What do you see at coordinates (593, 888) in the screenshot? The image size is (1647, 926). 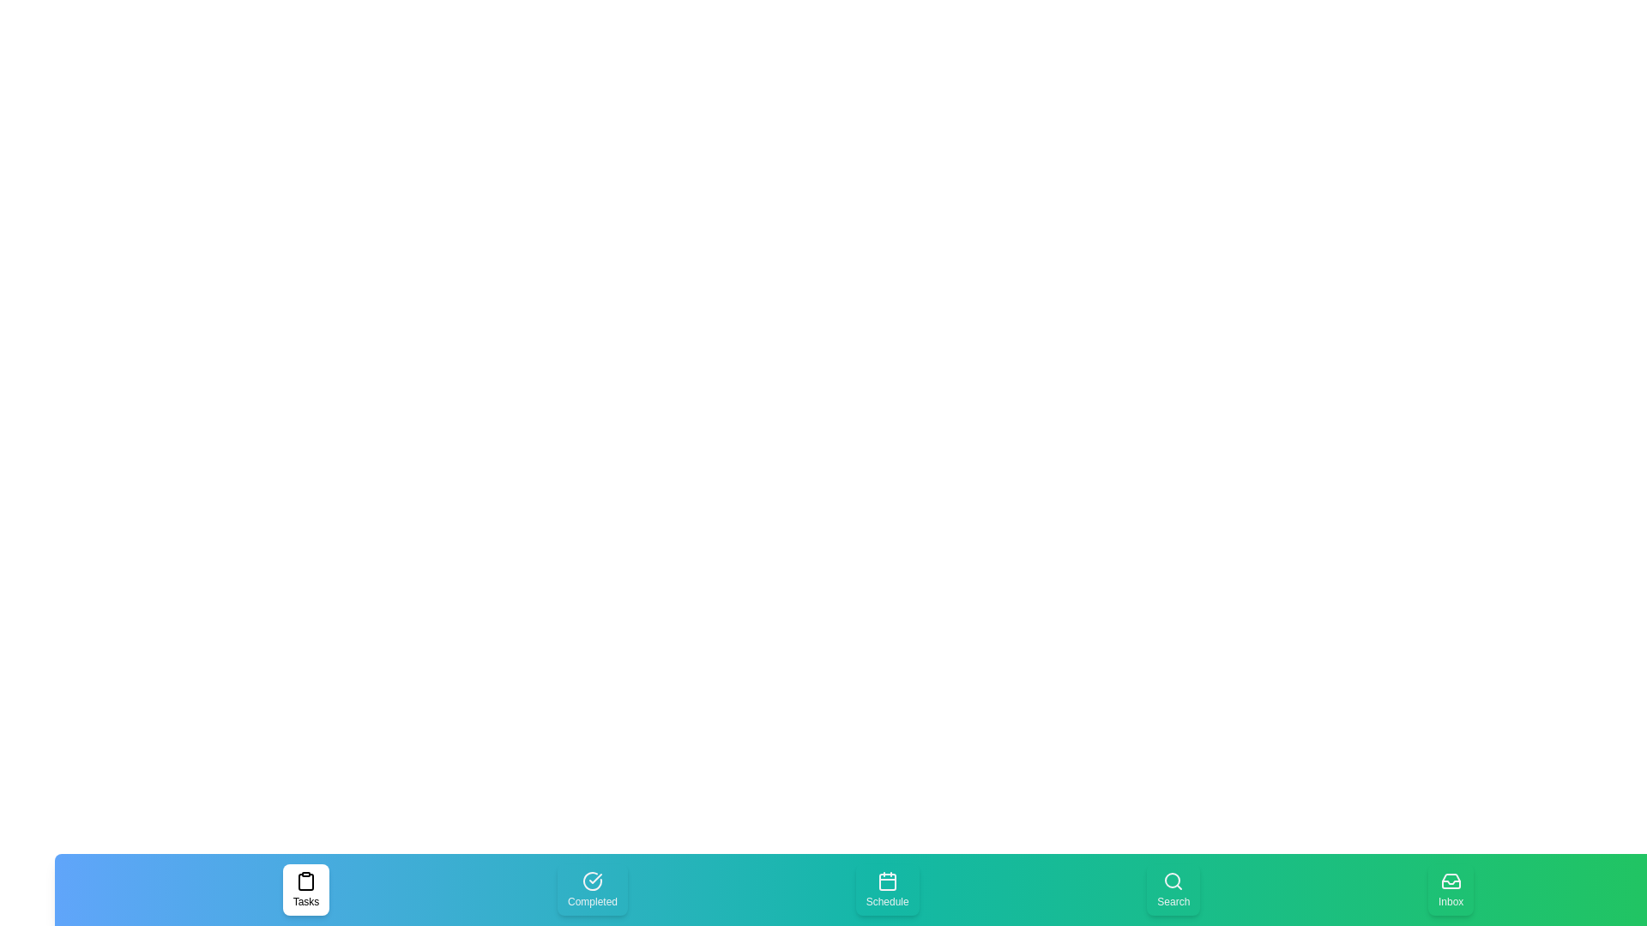 I see `the Completed tab to select it` at bounding box center [593, 888].